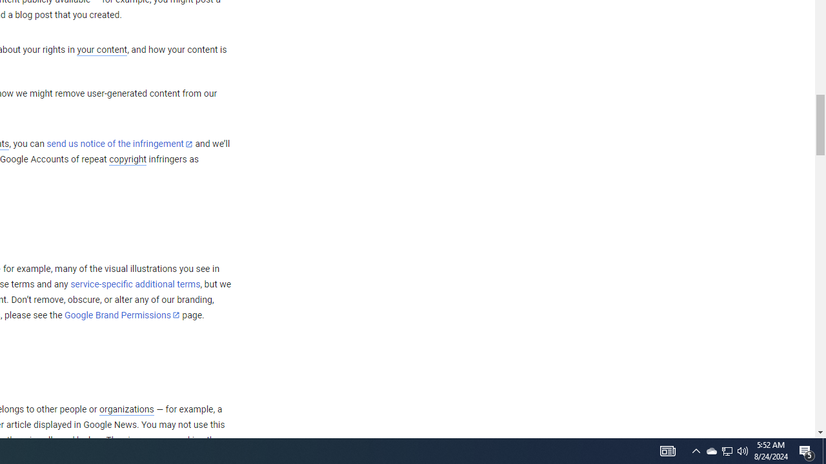  I want to click on 'send us notice of the infringement', so click(119, 144).